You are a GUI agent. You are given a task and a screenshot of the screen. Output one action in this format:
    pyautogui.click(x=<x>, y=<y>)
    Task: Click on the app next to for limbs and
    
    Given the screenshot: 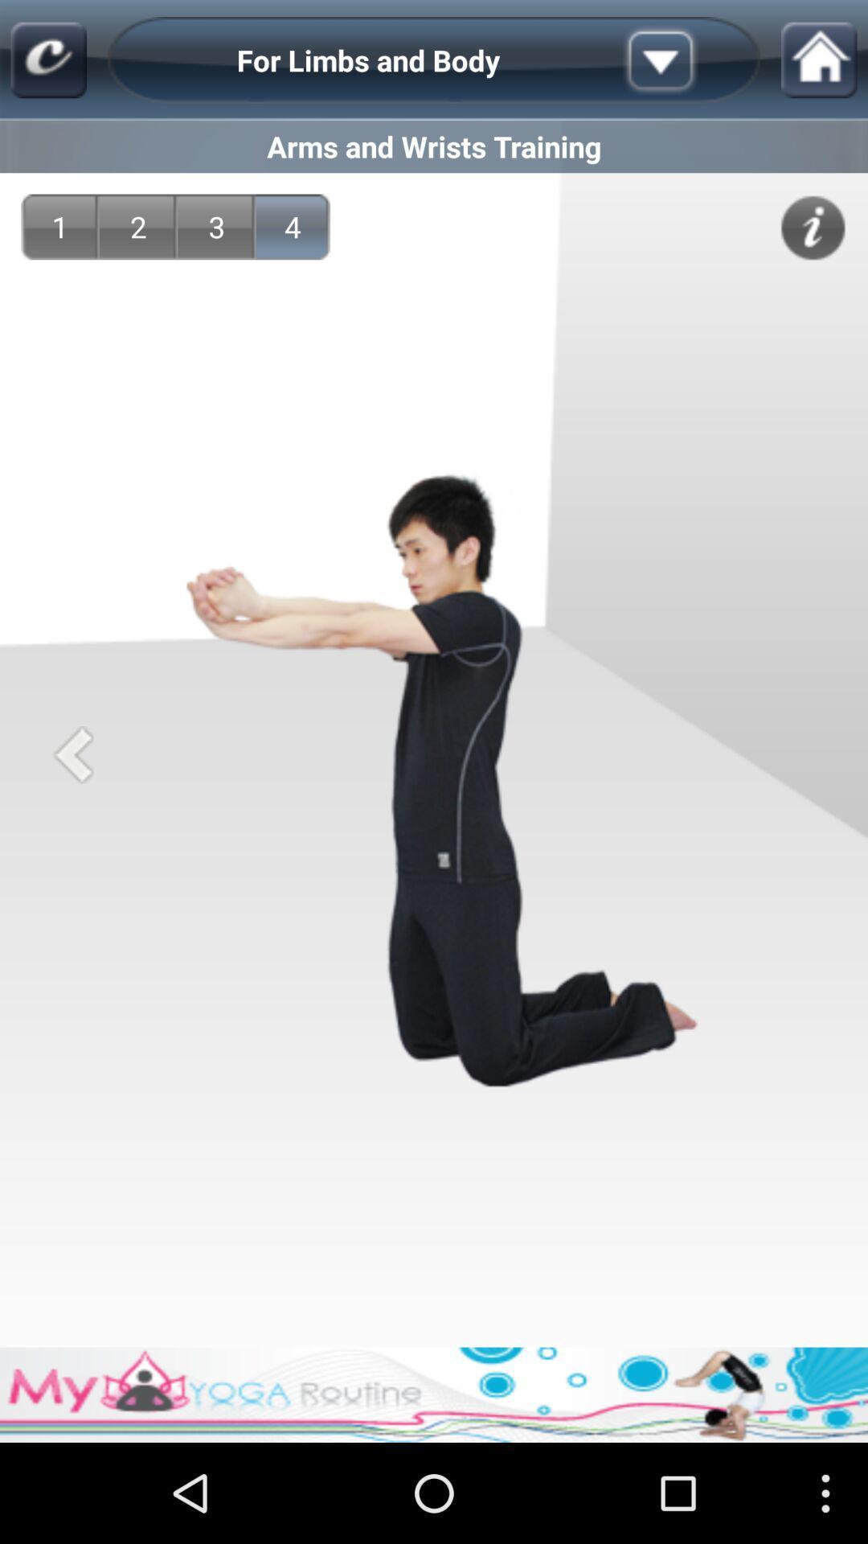 What is the action you would take?
    pyautogui.click(x=686, y=60)
    